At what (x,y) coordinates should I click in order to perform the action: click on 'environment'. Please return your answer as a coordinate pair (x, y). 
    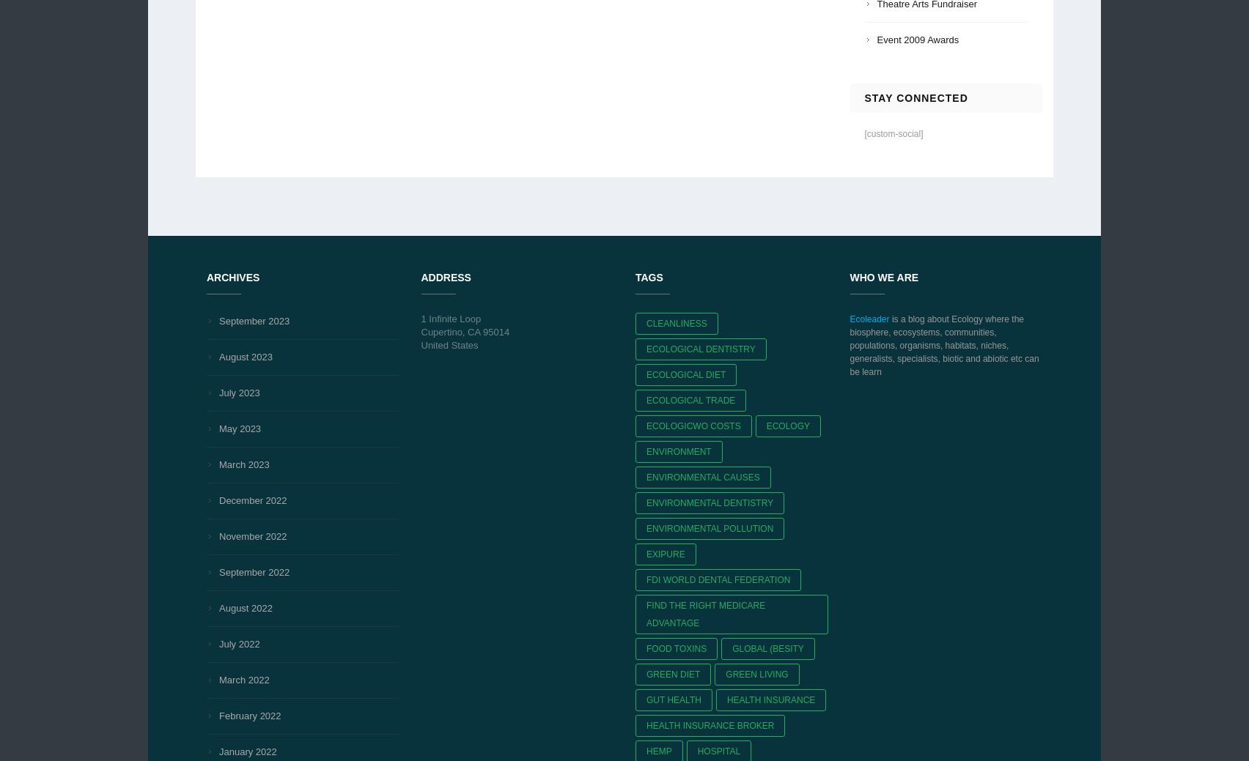
    Looking at the image, I should click on (678, 451).